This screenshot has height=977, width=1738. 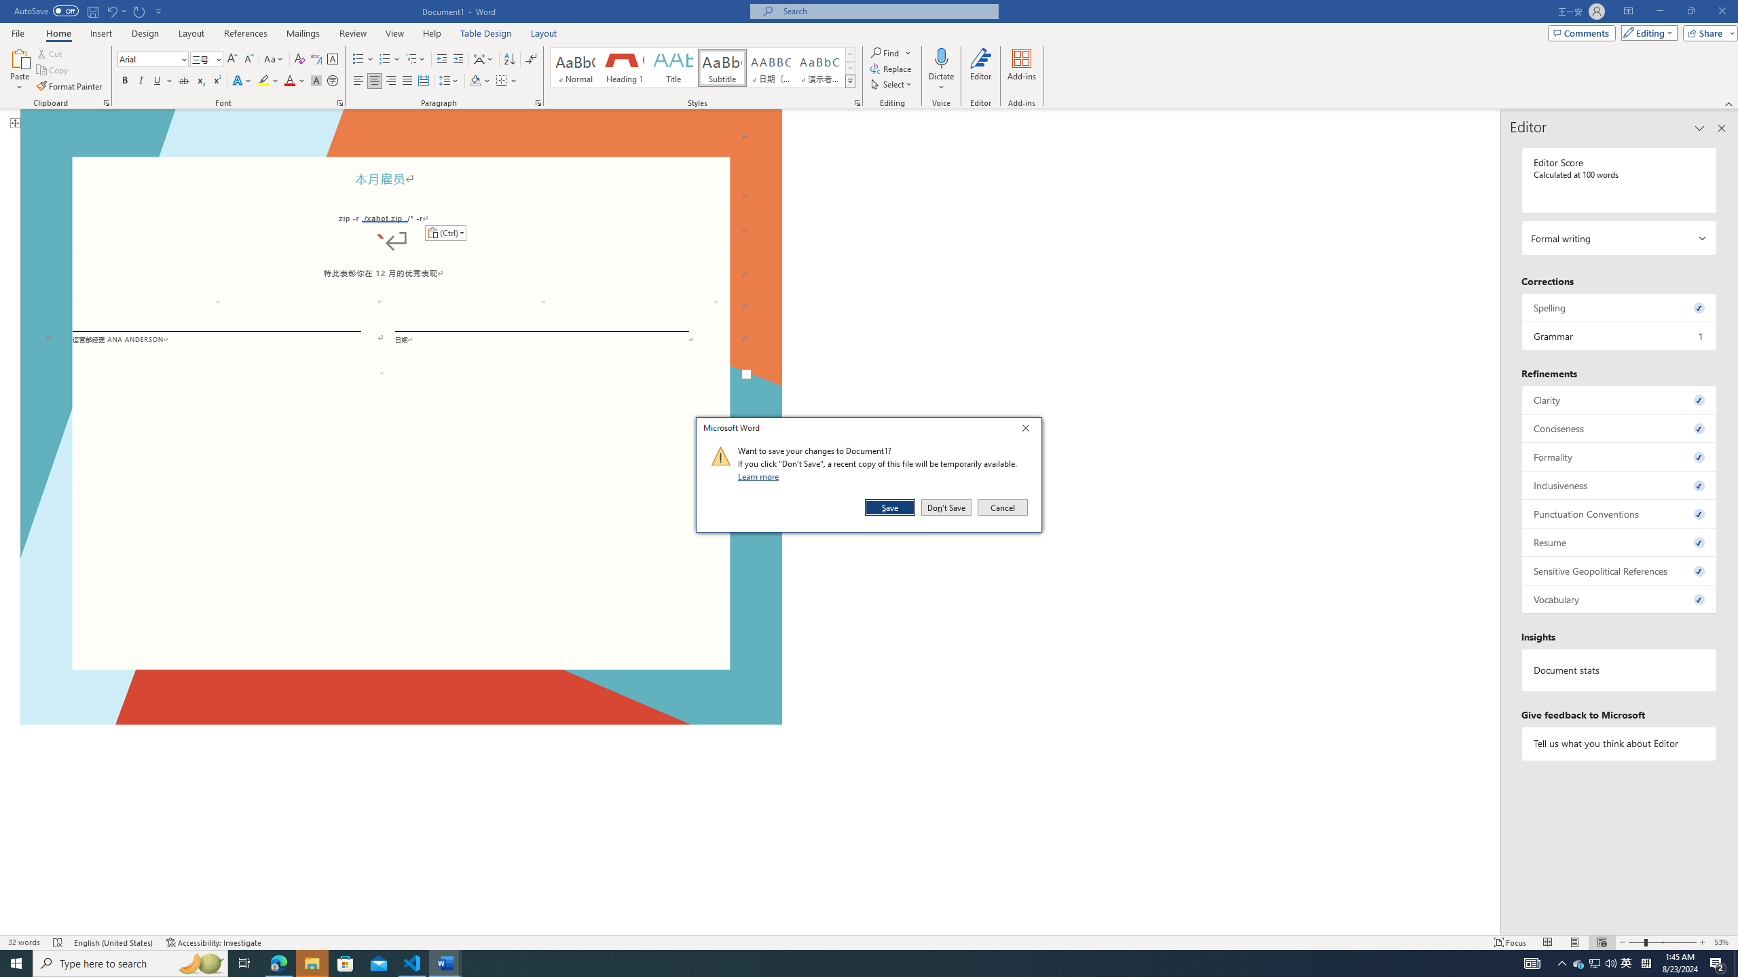 I want to click on 'Styles...', so click(x=856, y=102).